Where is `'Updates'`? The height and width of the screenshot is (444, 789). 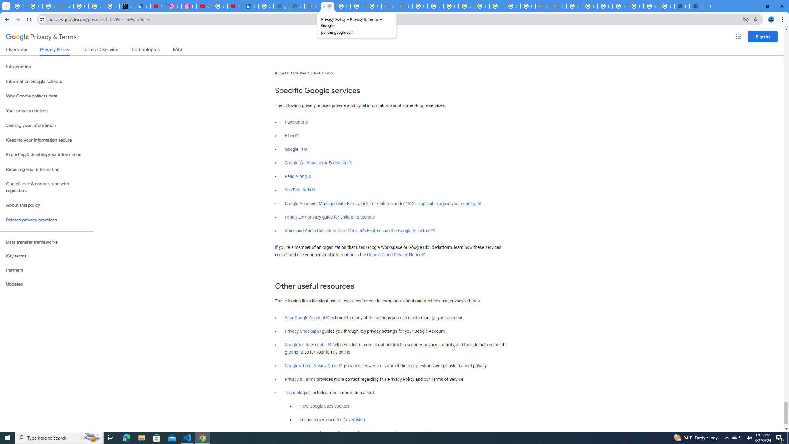 'Updates' is located at coordinates (47, 284).